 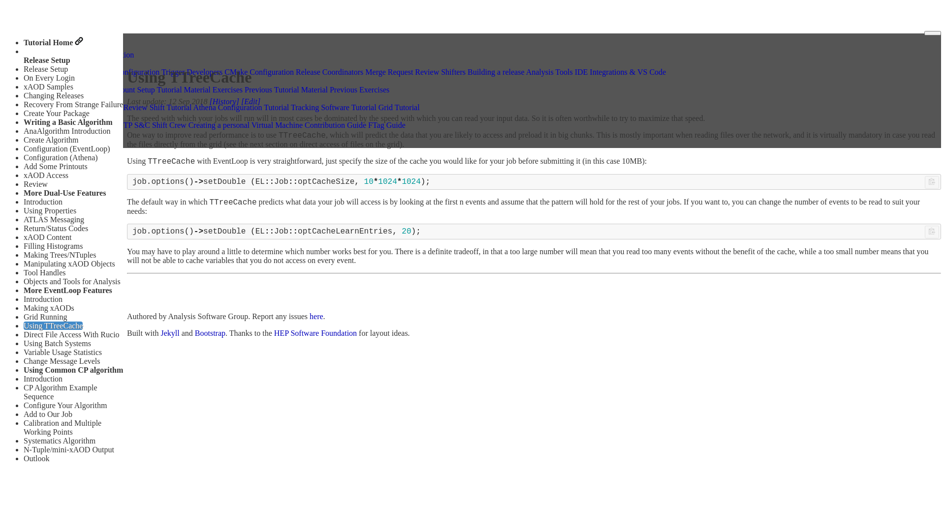 What do you see at coordinates (47, 414) in the screenshot?
I see `'Add to Our Job'` at bounding box center [47, 414].